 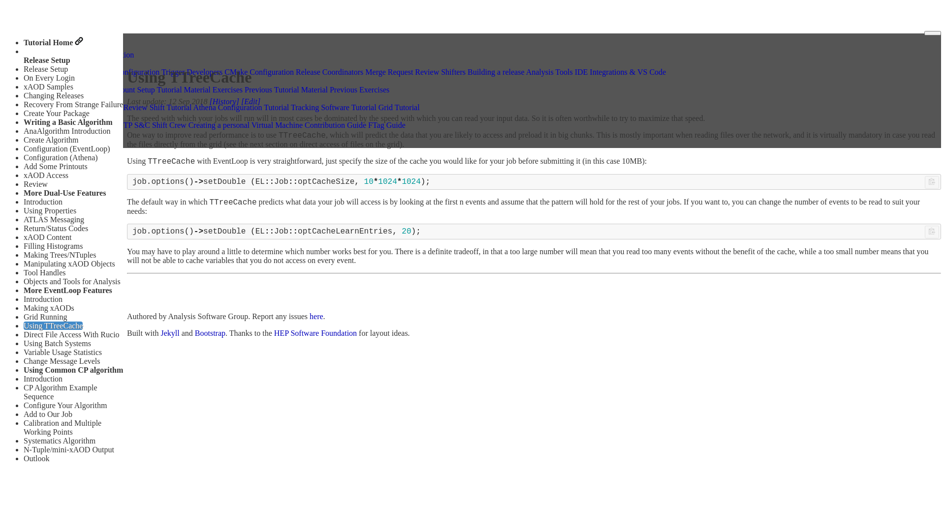 What do you see at coordinates (47, 414) in the screenshot?
I see `'Add to Our Job'` at bounding box center [47, 414].